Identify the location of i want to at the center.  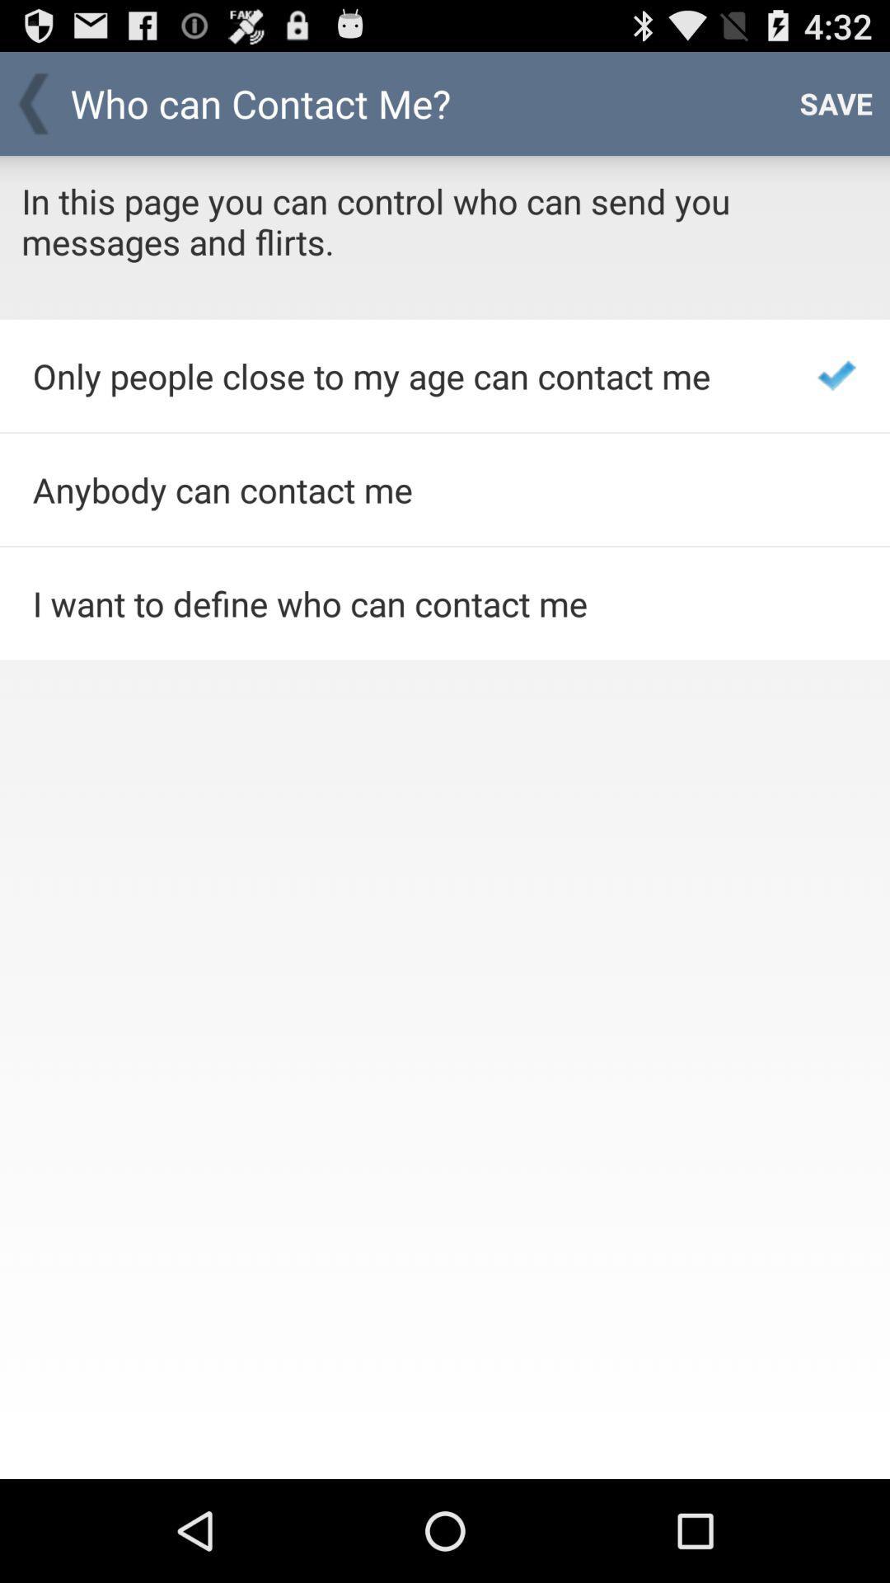
(403, 603).